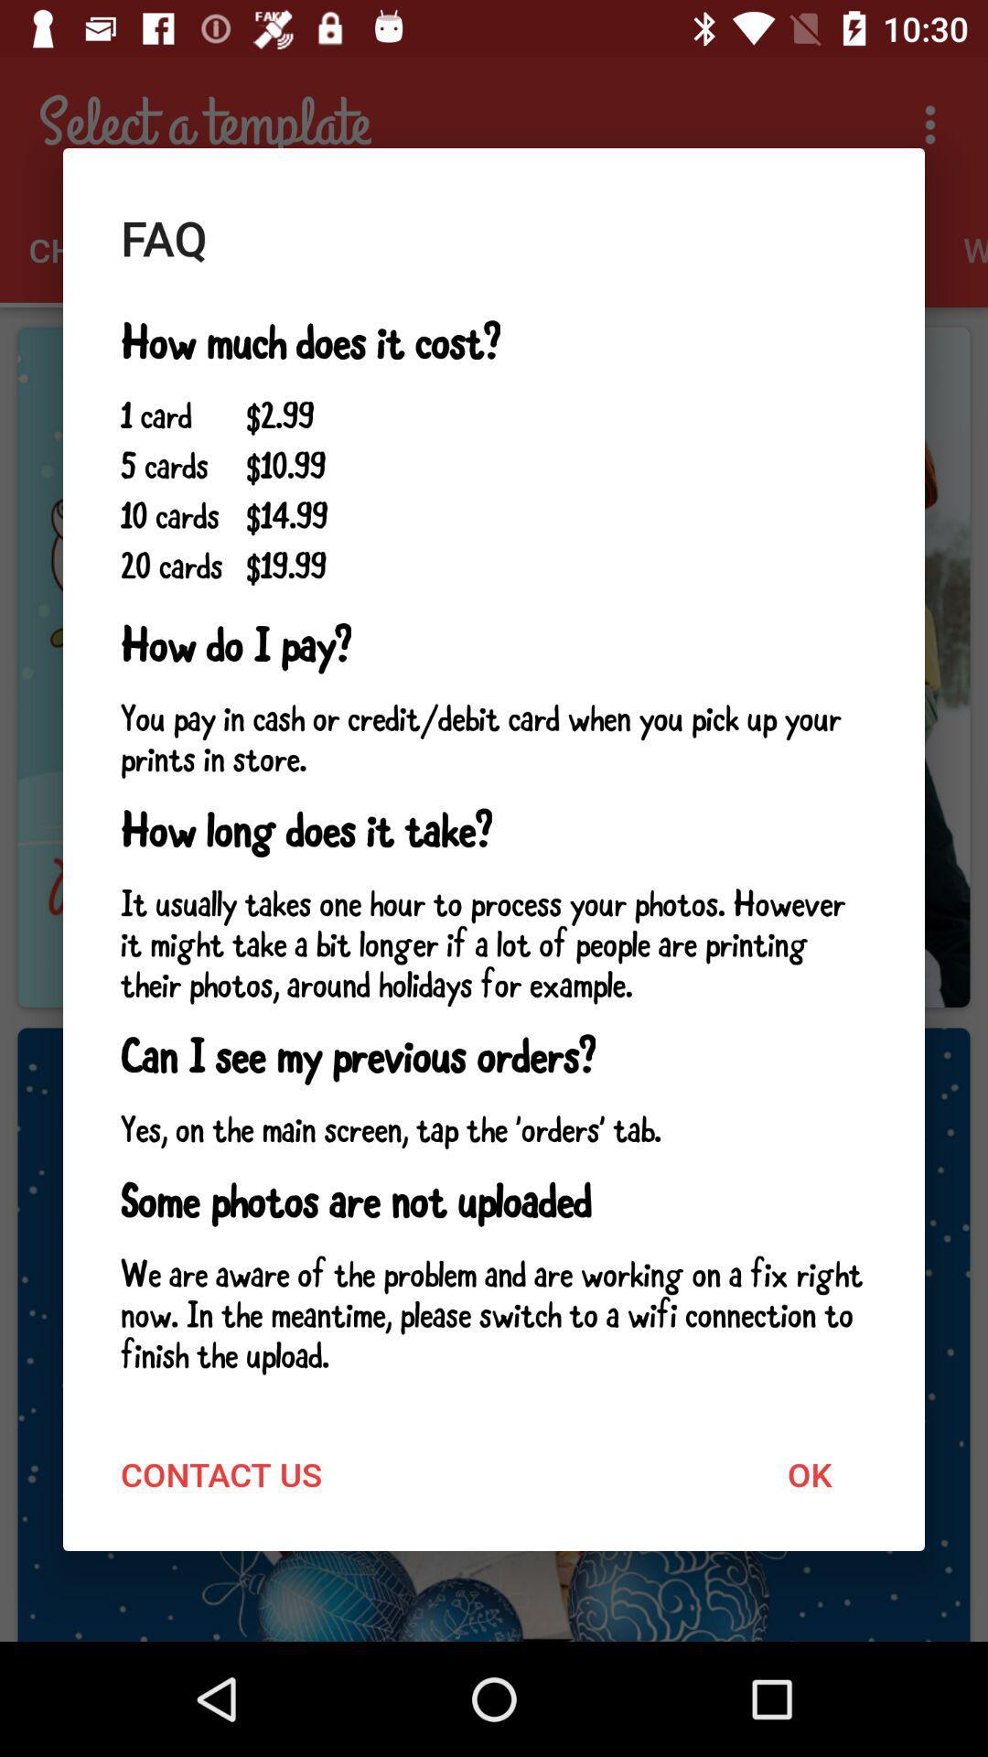 The width and height of the screenshot is (988, 1757). Describe the element at coordinates (808, 1474) in the screenshot. I see `the item at the bottom right corner` at that location.